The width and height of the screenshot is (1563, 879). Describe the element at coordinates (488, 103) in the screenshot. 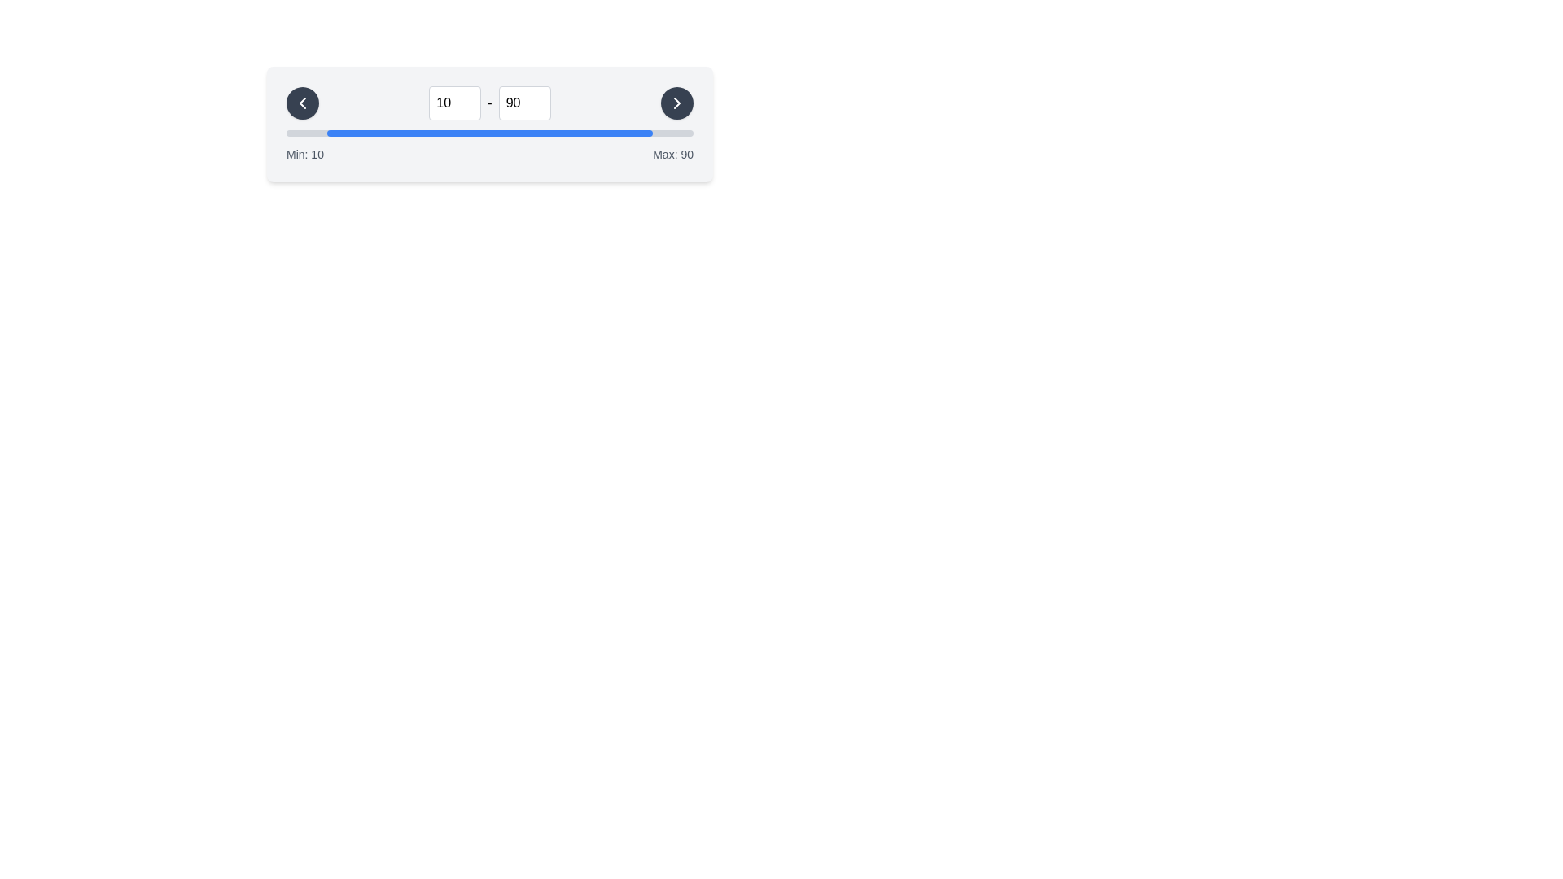

I see `the horizontal separator line positioned between the two number input fields for '10' and '90'` at that location.